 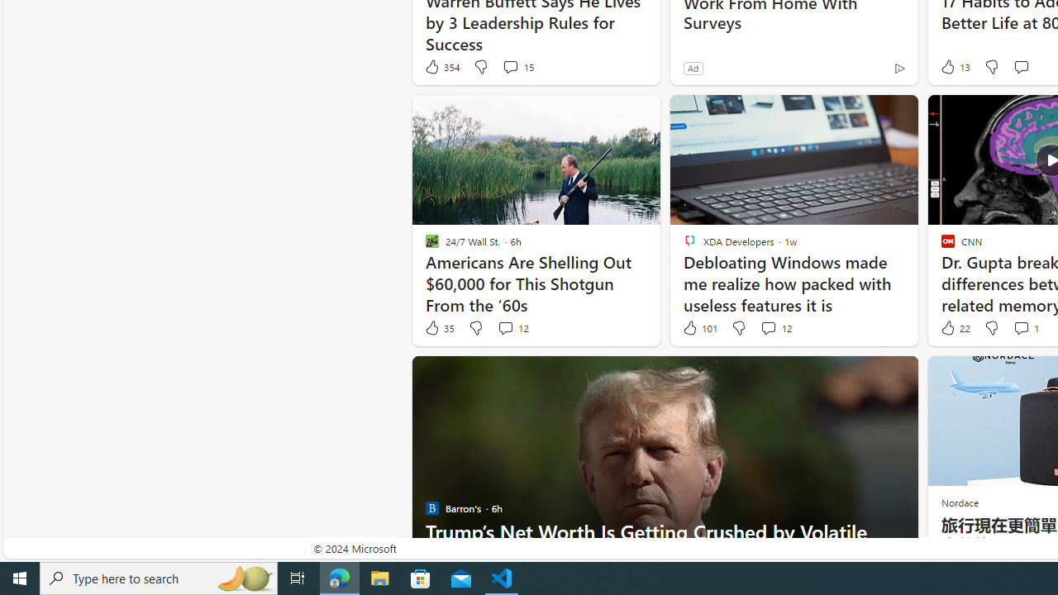 I want to click on '22 Like', so click(x=954, y=328).